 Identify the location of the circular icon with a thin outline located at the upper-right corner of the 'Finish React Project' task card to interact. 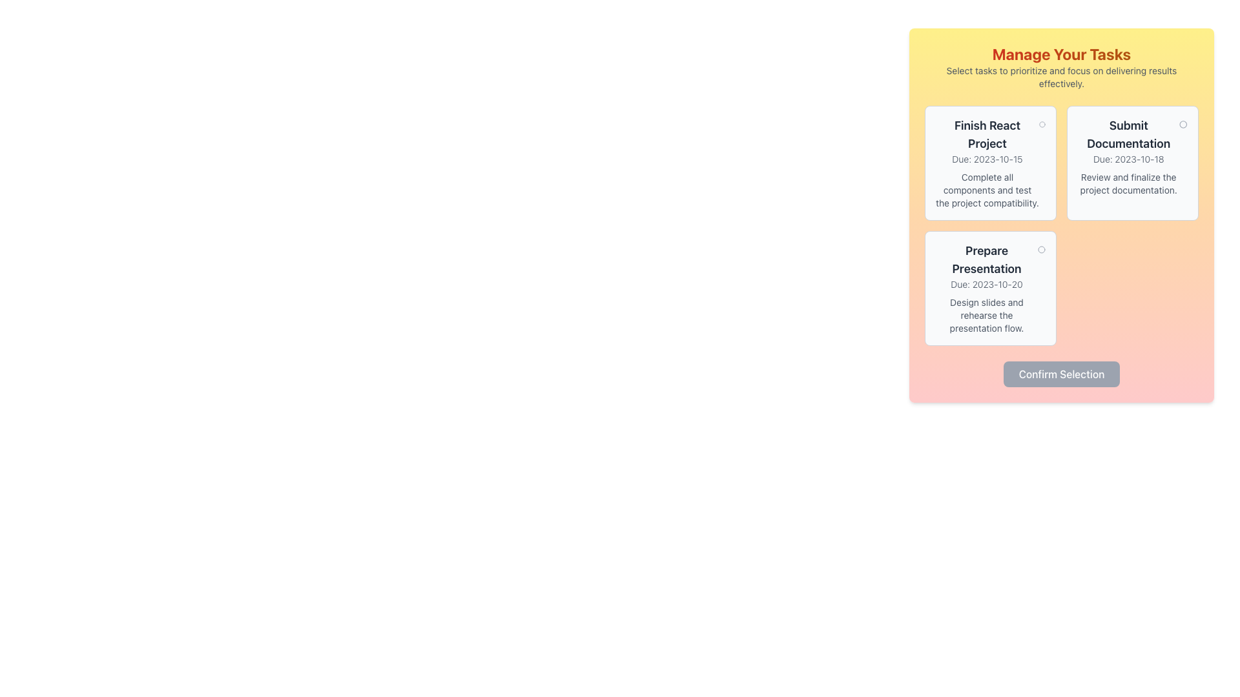
(1042, 124).